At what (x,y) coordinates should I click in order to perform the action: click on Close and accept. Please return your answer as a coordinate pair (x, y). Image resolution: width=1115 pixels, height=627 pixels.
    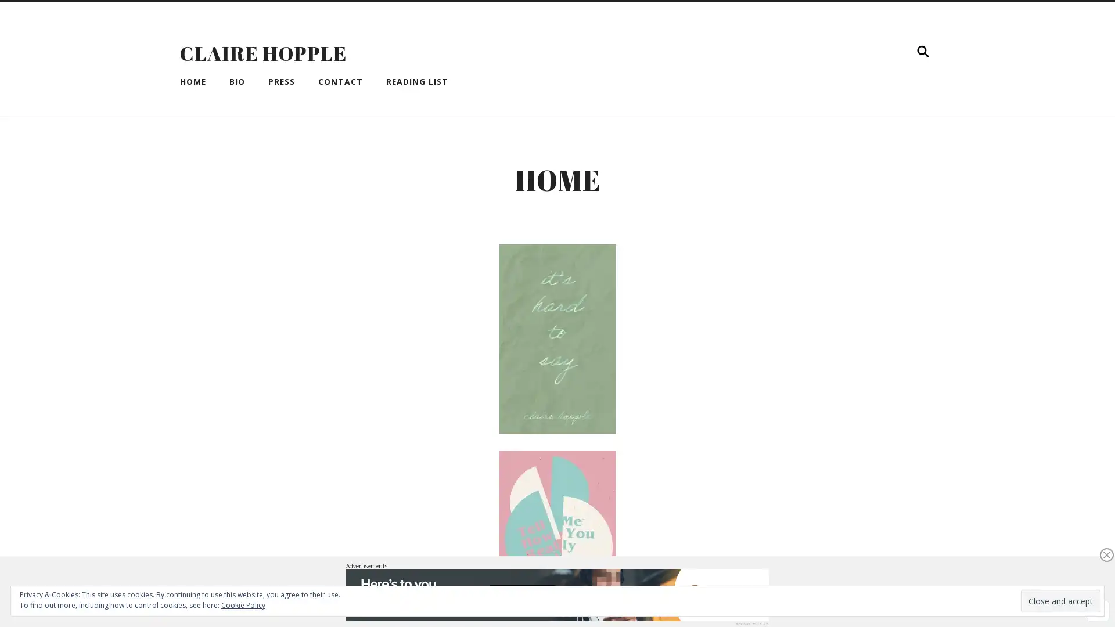
    Looking at the image, I should click on (1060, 601).